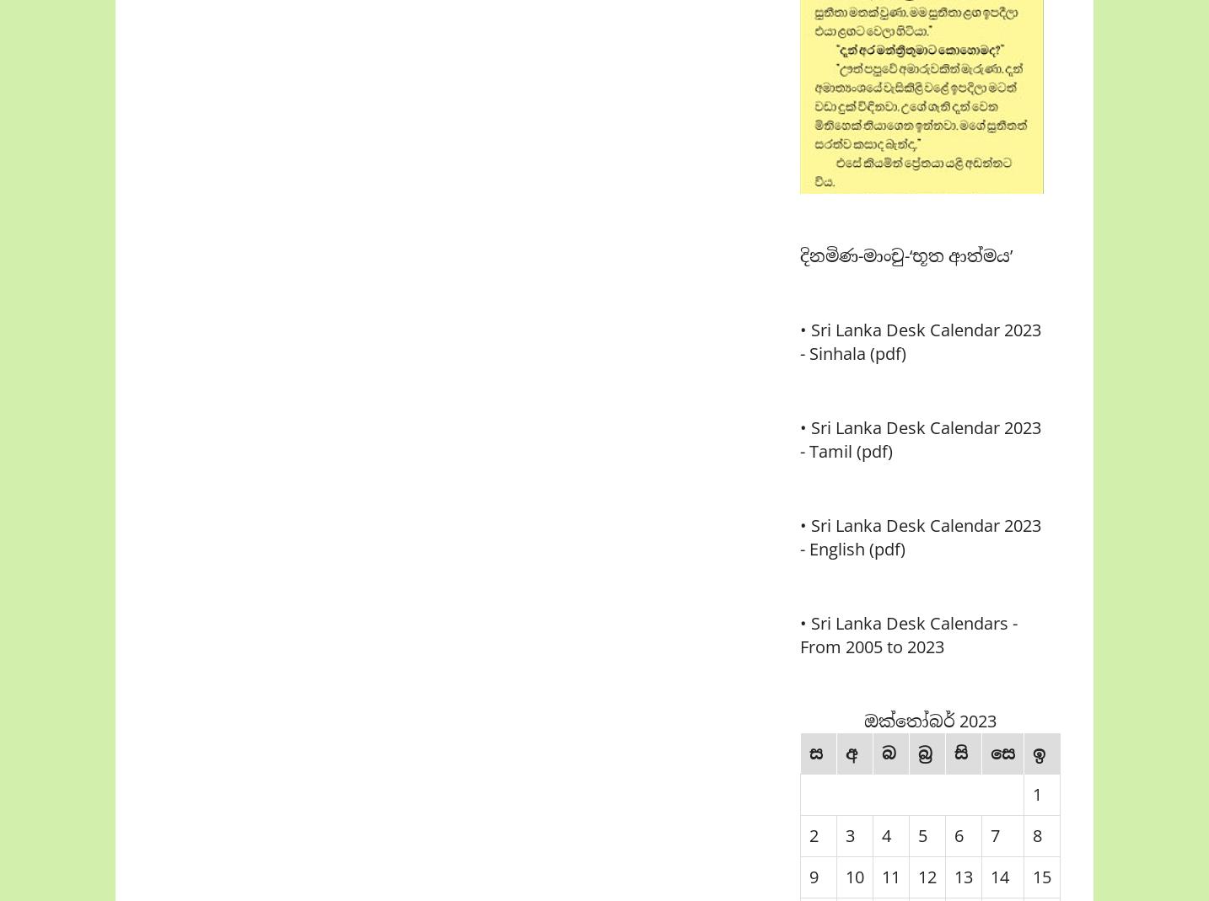 The width and height of the screenshot is (1209, 901). I want to click on '9', so click(813, 877).